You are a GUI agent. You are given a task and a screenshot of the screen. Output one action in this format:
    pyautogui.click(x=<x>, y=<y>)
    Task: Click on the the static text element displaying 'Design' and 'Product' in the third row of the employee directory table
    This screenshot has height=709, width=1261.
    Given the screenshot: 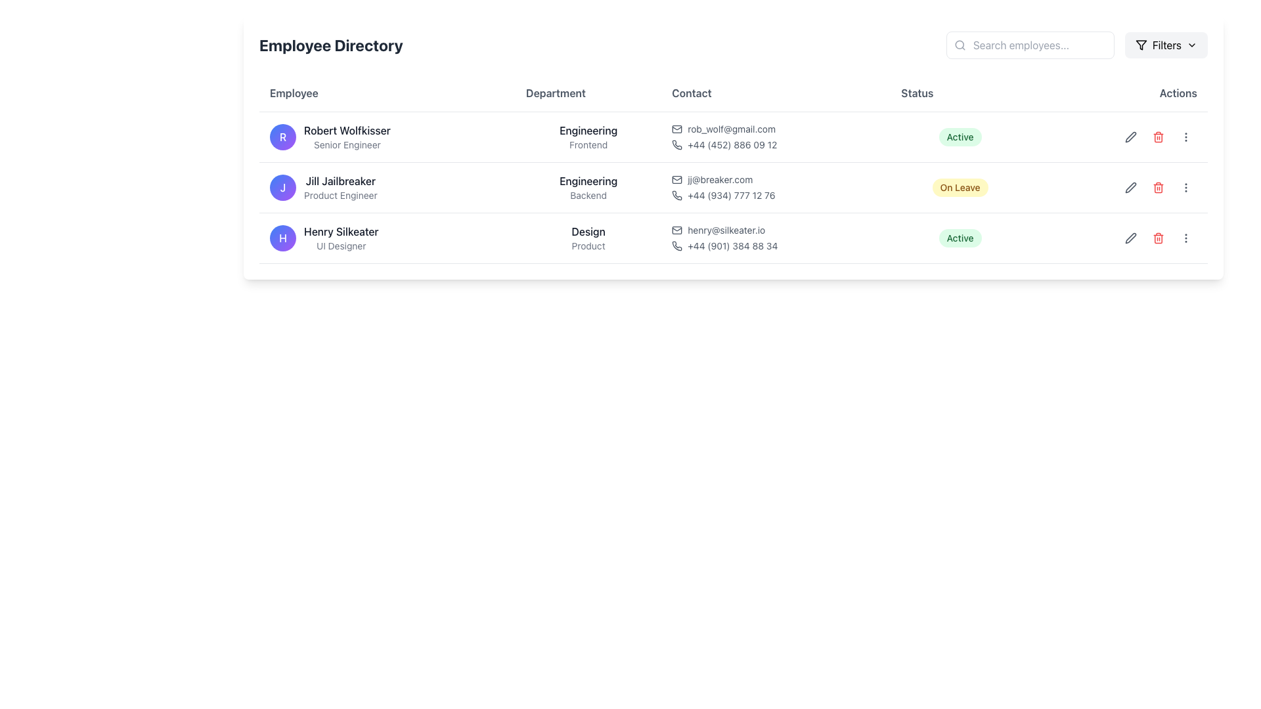 What is the action you would take?
    pyautogui.click(x=588, y=238)
    